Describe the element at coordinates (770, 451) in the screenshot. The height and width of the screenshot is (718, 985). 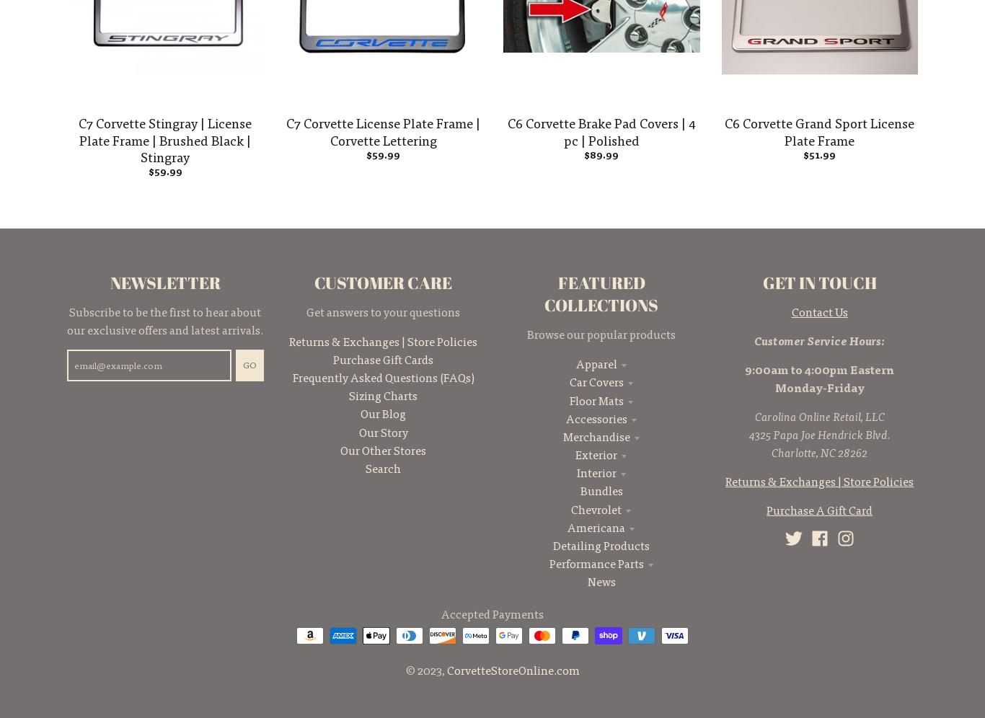
I see `'Charlotte, NC 28262'` at that location.